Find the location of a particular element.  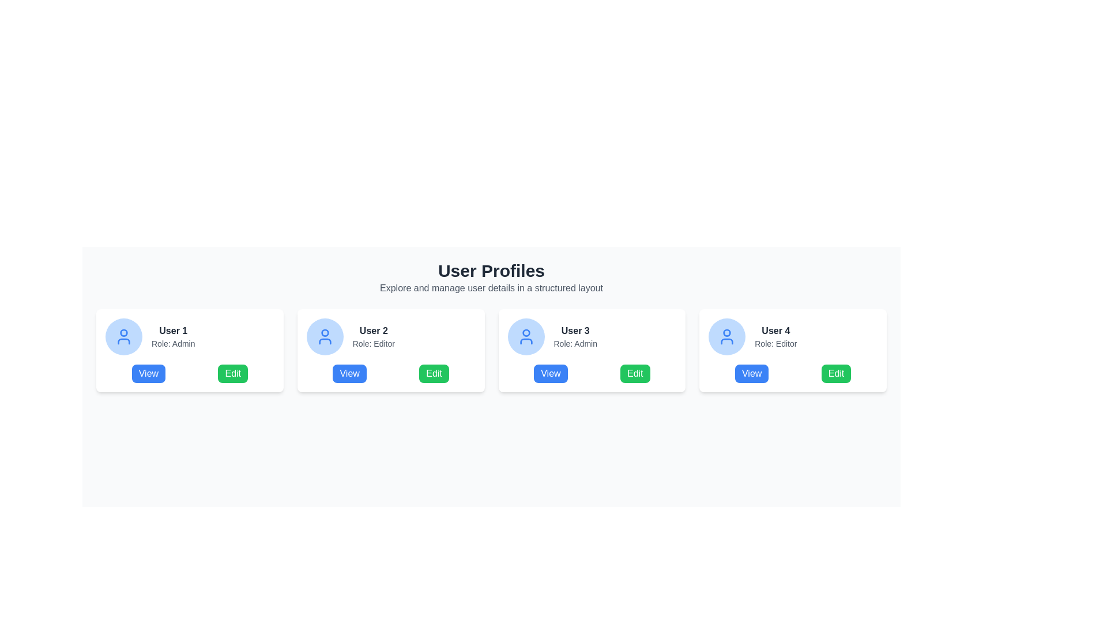

the user information card located at the top-left corner of the grid is located at coordinates (190, 350).